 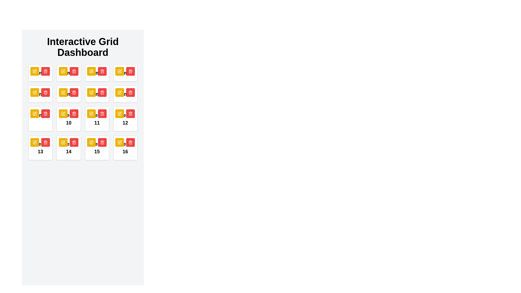 What do you see at coordinates (63, 71) in the screenshot?
I see `the edit button located in the top row of the interactive grid dashboard, specifically the third element from the left` at bounding box center [63, 71].